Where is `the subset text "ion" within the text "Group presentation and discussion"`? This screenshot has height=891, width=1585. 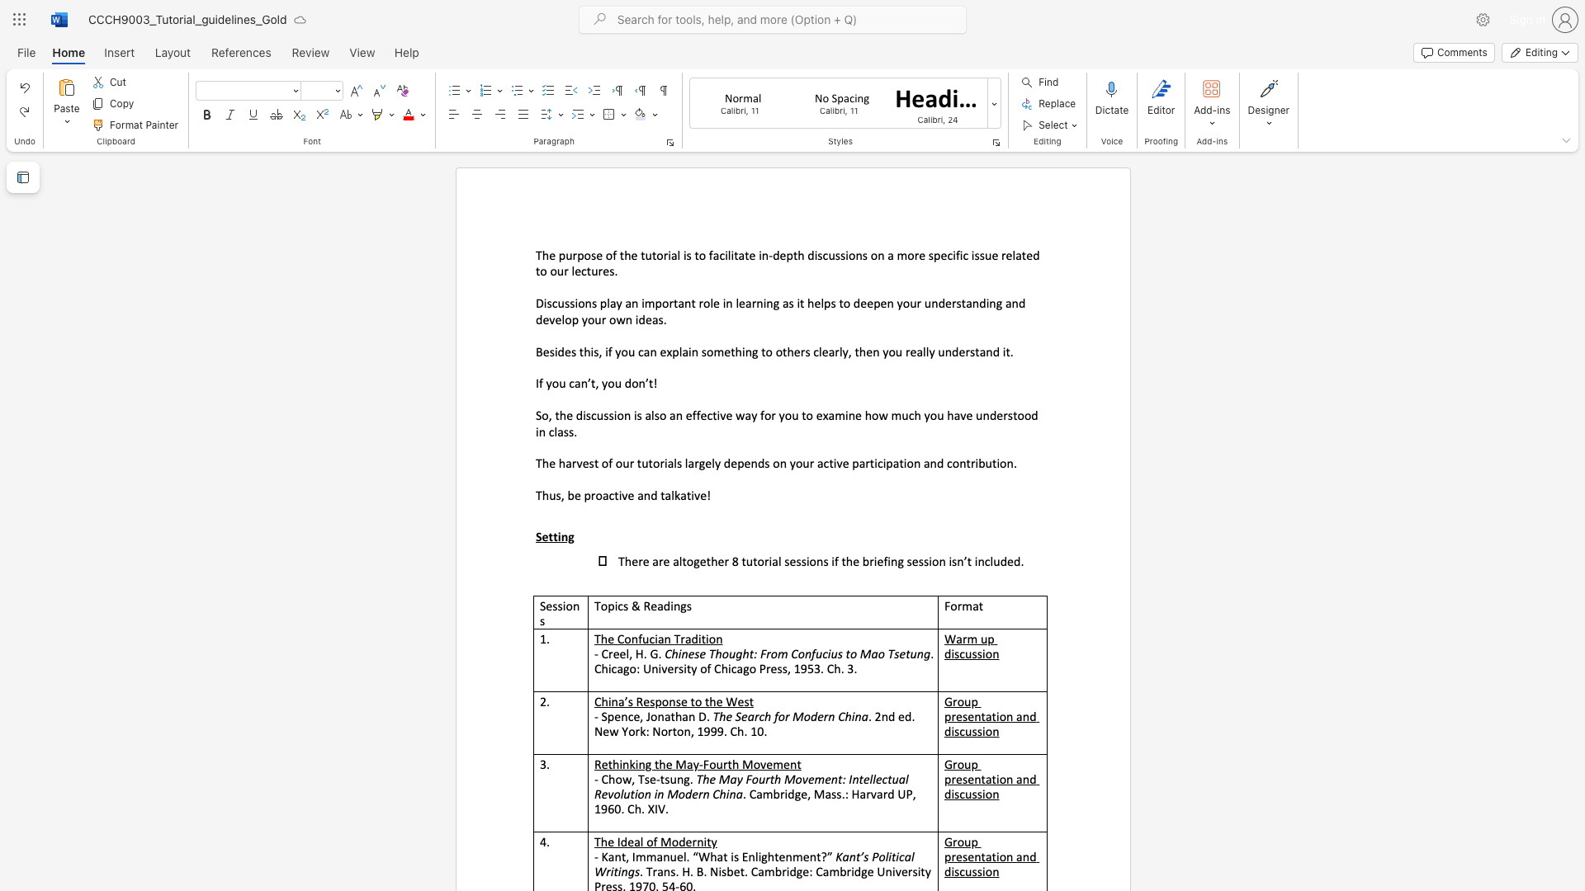 the subset text "ion" within the text "Group presentation and discussion" is located at coordinates (982, 730).